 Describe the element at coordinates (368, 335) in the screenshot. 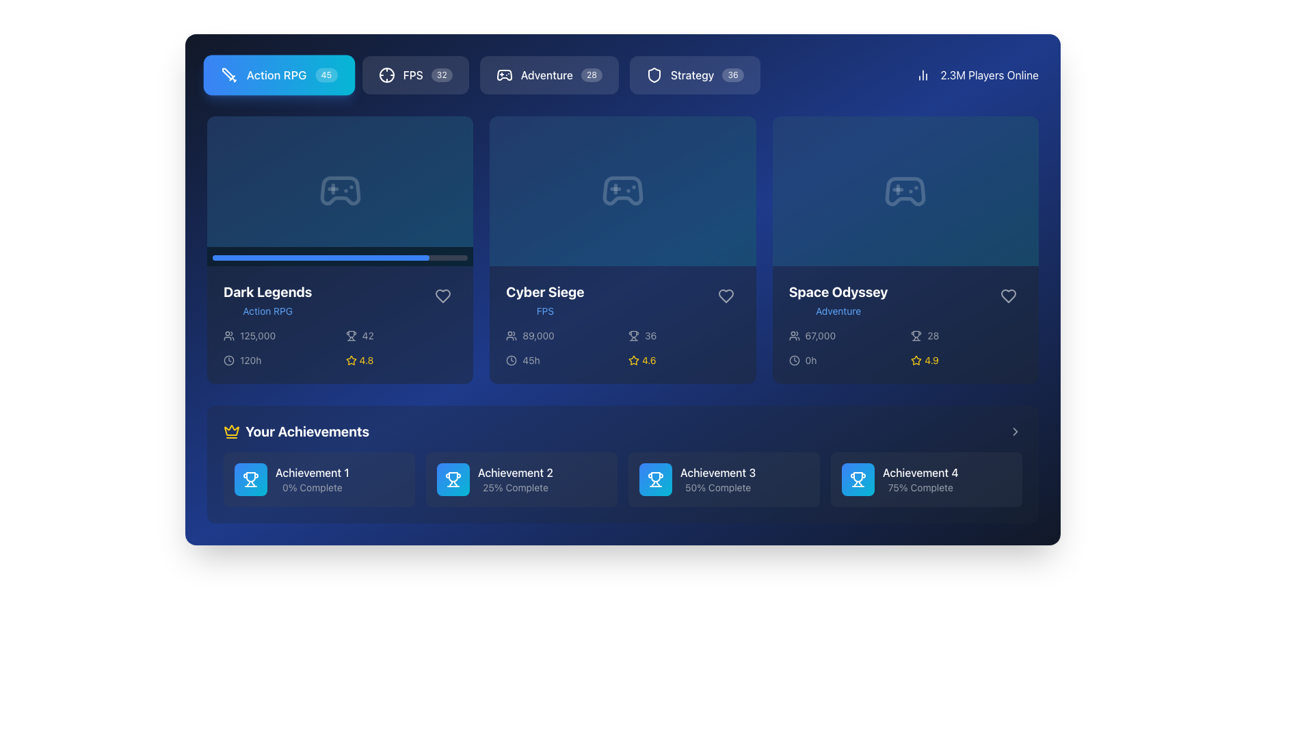

I see `the static text displaying numeric details related to achievements or points for the 'Dark Legends' item, located under the trophy icon in the 'Dark Legends' card` at that location.